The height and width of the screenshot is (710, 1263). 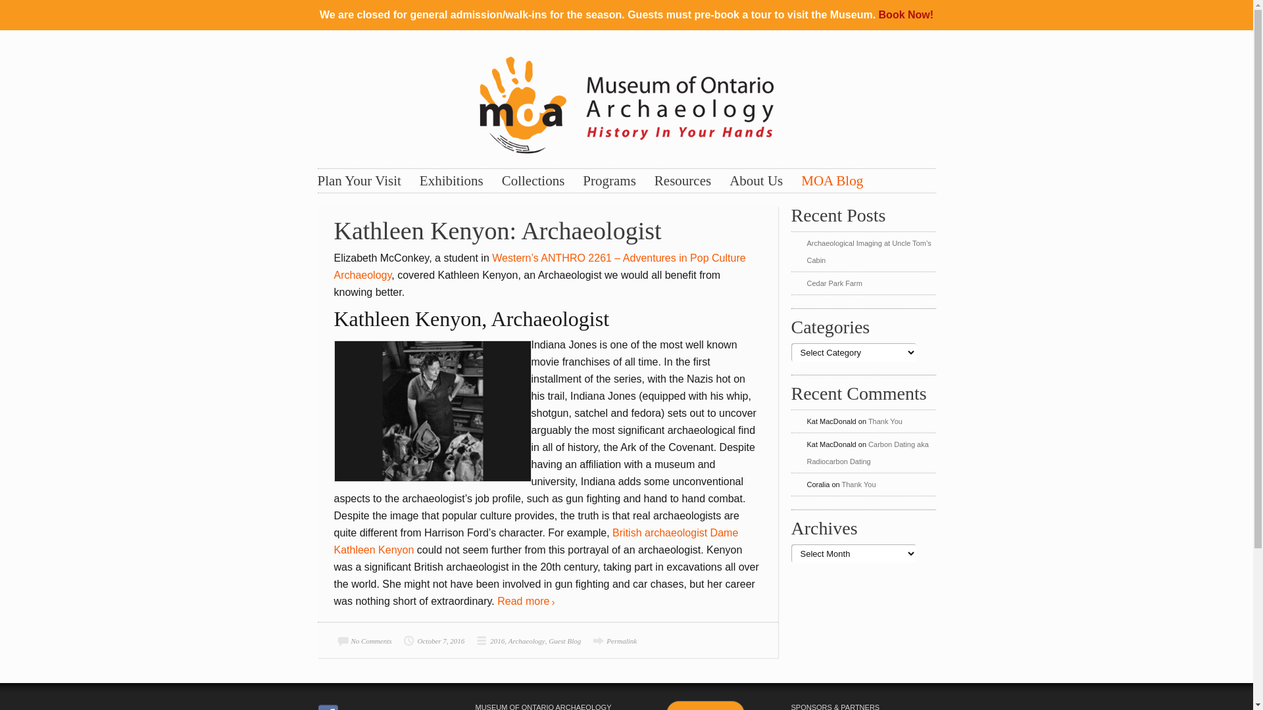 I want to click on 'Carbon Dating aka Radiocarbon Dating', so click(x=867, y=452).